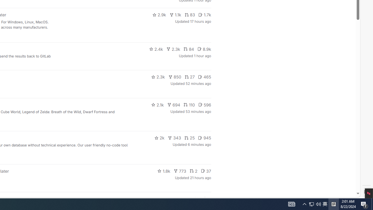  Describe the element at coordinates (193, 171) in the screenshot. I see `'2'` at that location.